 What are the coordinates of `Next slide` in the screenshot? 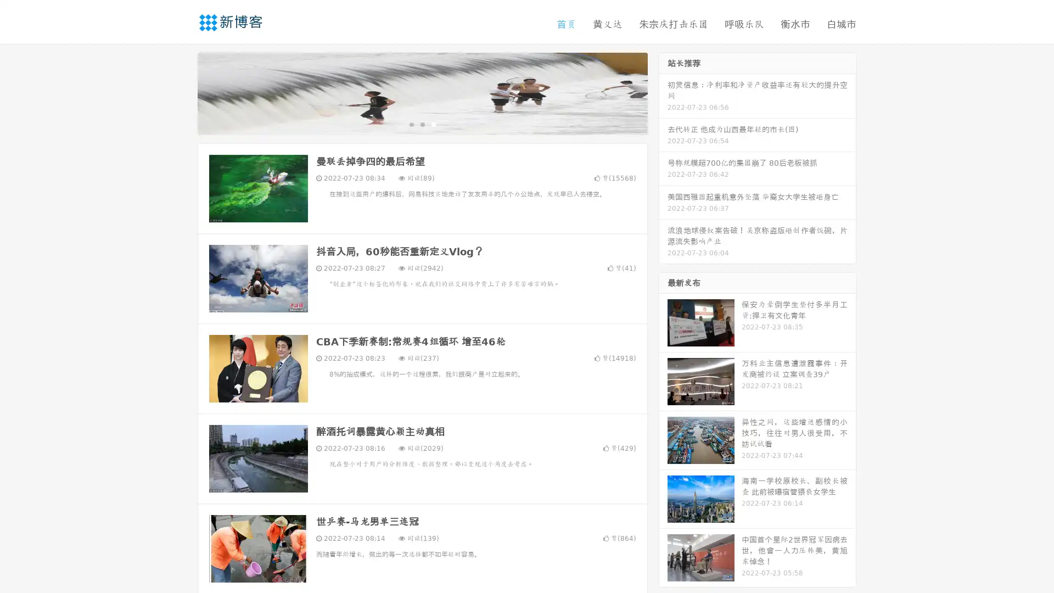 It's located at (663, 92).